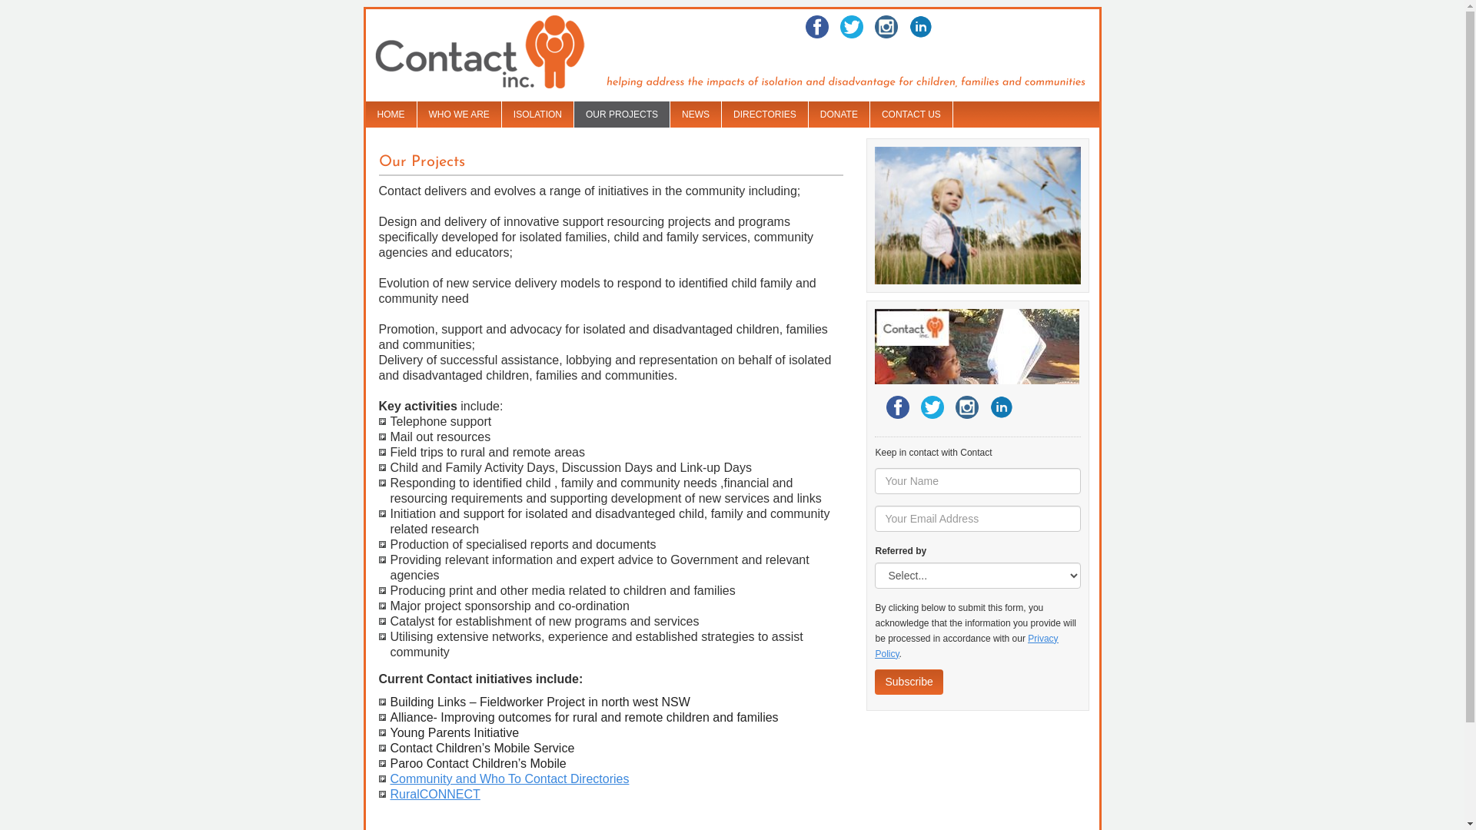 This screenshot has width=1476, height=830. Describe the element at coordinates (838, 114) in the screenshot. I see `'DONATE'` at that location.